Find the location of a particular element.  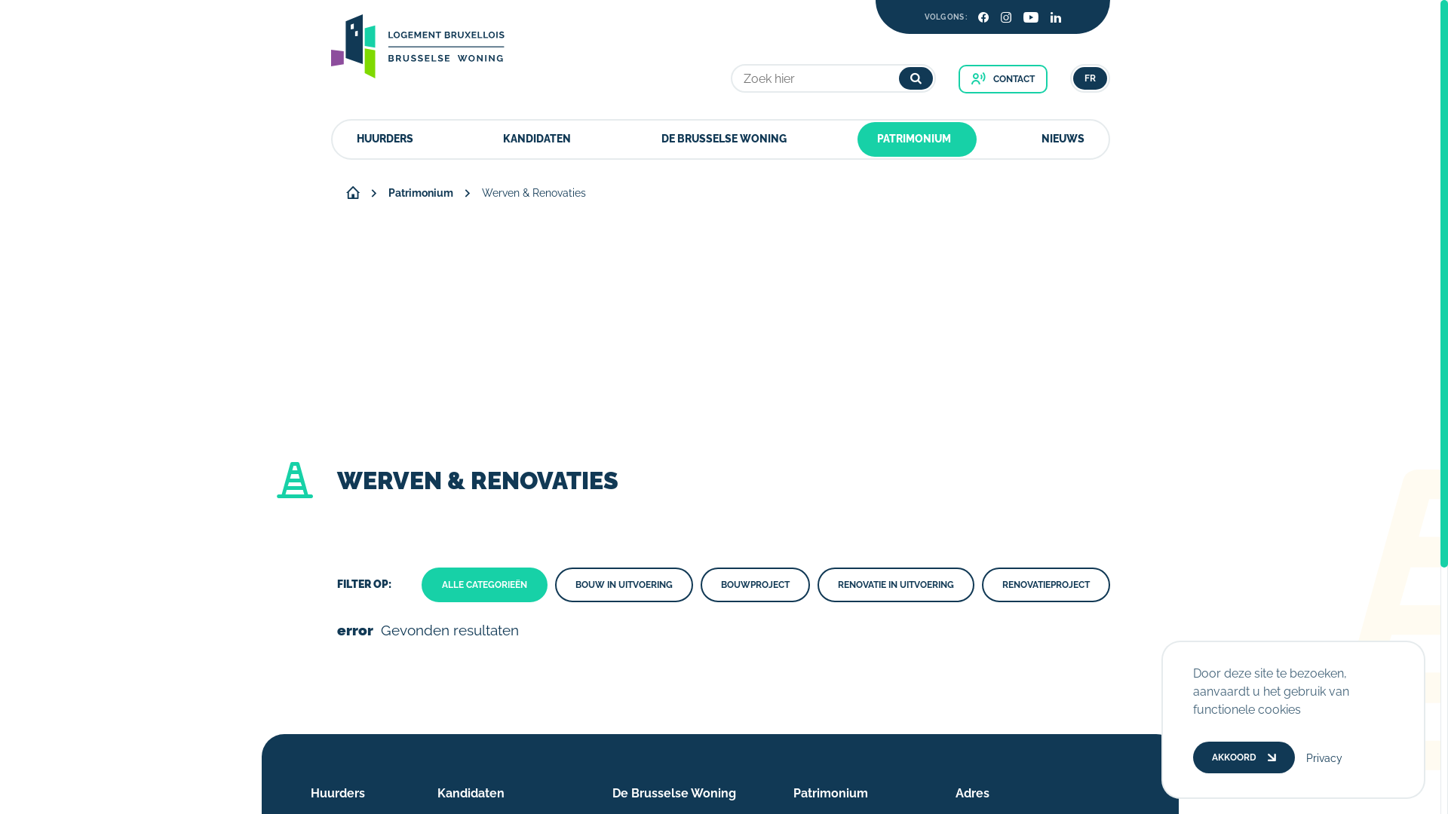

'NIEUWS' is located at coordinates (1061, 139).